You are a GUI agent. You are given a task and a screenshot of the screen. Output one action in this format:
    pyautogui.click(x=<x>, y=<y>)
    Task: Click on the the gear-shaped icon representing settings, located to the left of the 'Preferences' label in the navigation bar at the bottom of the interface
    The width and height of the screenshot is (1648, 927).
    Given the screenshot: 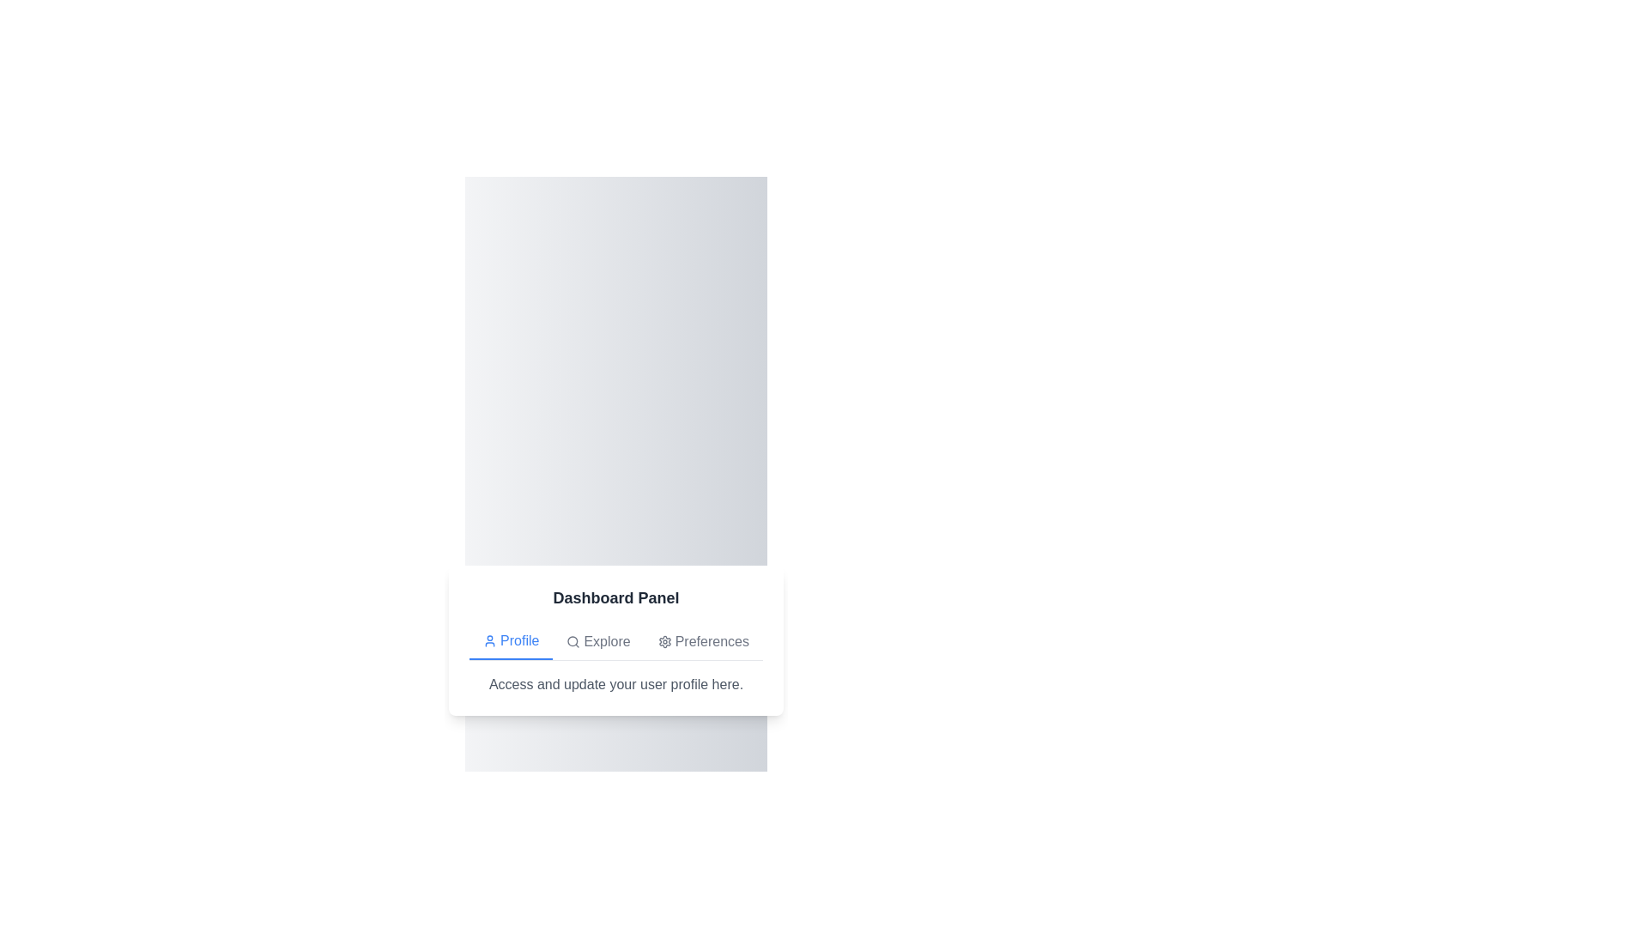 What is the action you would take?
    pyautogui.click(x=663, y=641)
    